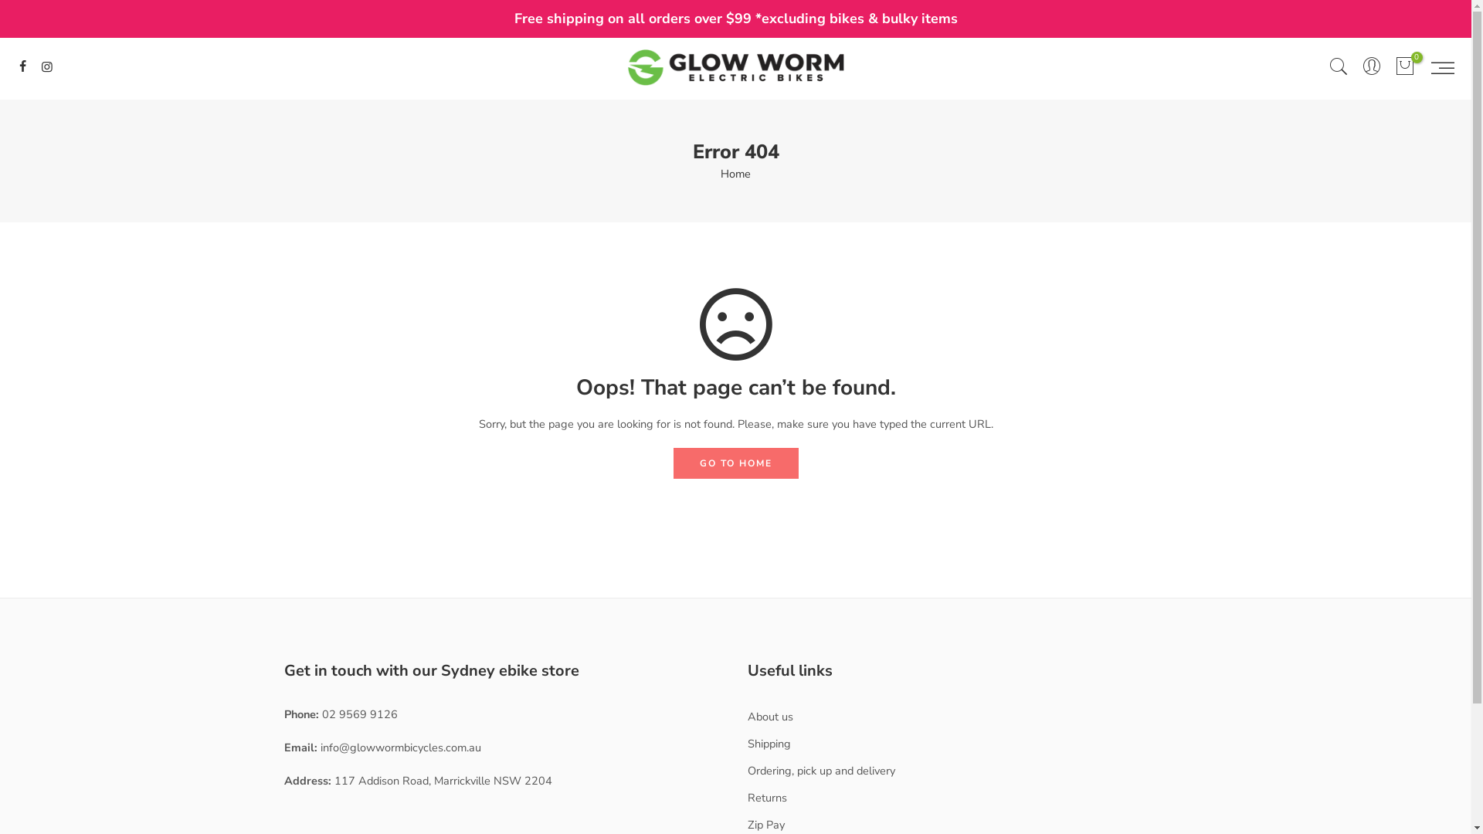 This screenshot has height=834, width=1483. Describe the element at coordinates (1393, 67) in the screenshot. I see `'0'` at that location.